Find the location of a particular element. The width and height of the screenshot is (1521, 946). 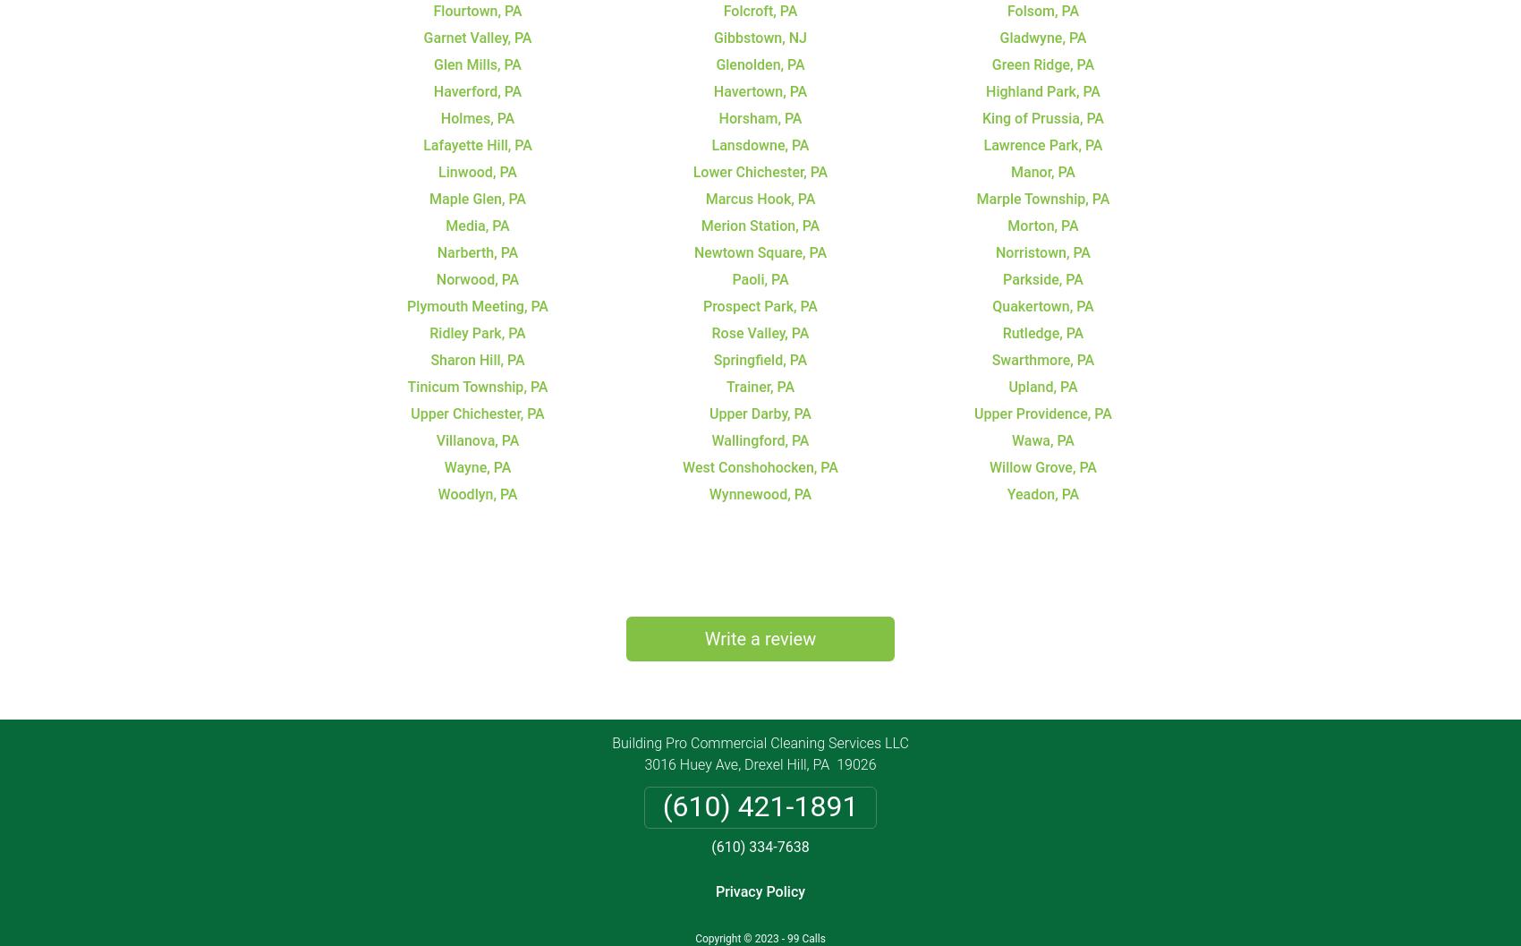

'Marcus Hook, PA' is located at coordinates (759, 198).